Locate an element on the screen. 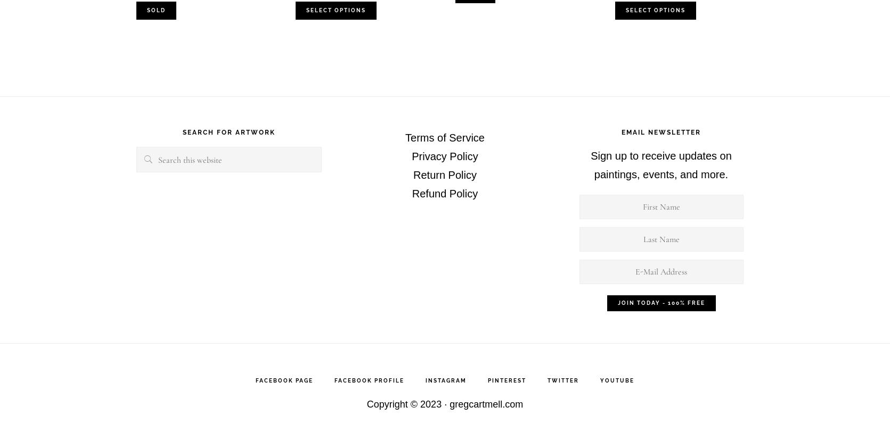 The width and height of the screenshot is (890, 440). 'gregcartmell.com' is located at coordinates (486, 404).